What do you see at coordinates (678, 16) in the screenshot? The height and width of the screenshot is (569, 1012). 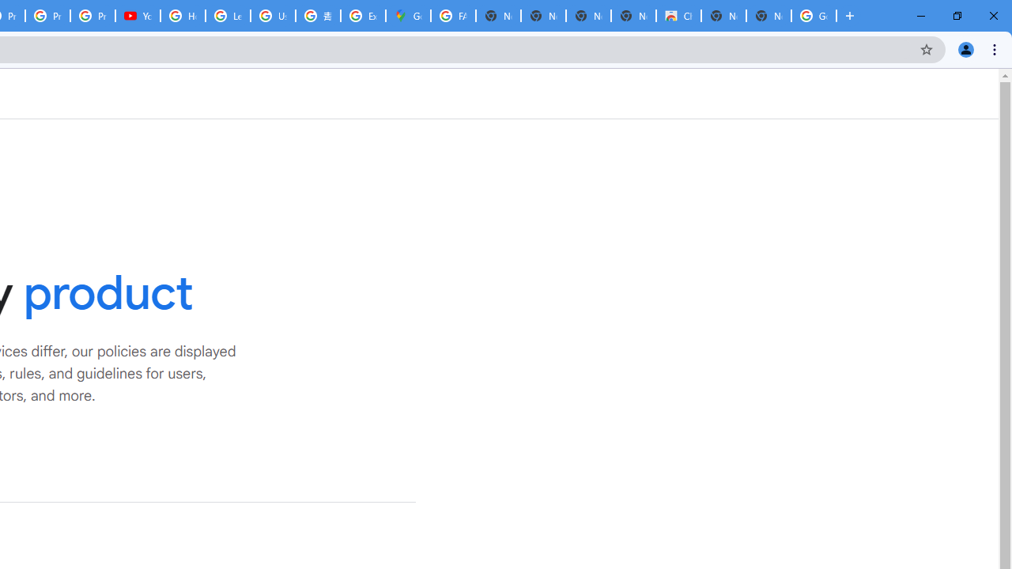 I see `'Chrome Web Store'` at bounding box center [678, 16].